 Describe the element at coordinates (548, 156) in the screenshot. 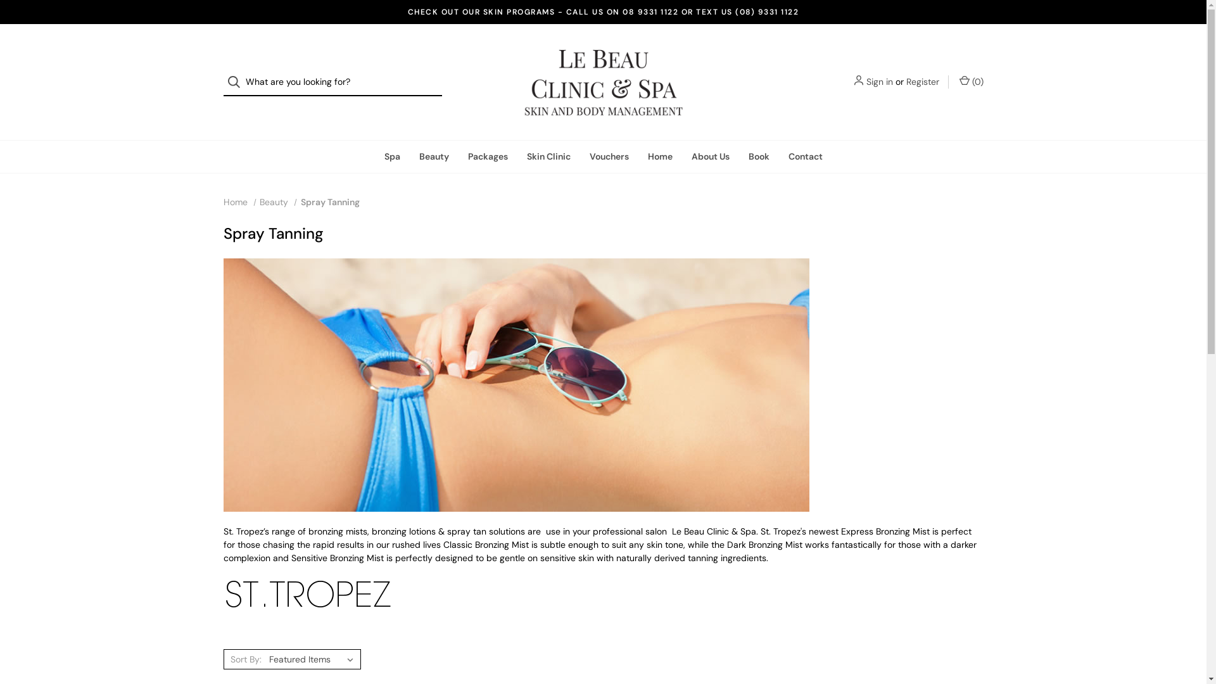

I see `'Skin Clinic'` at that location.